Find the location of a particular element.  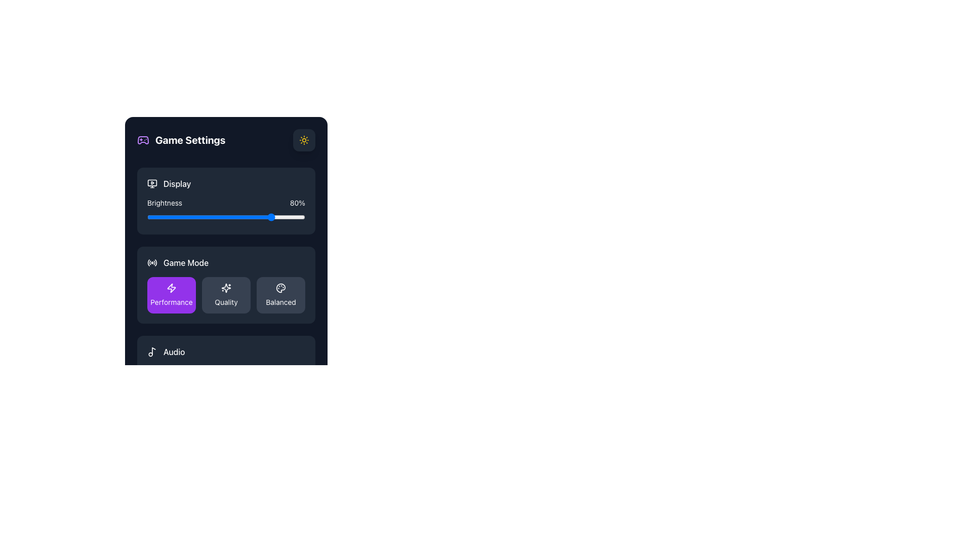

the 'Brightness' text label in the 'Display' section of the settings interface, which is positioned to the left of the '80%' percentage indicator and above the blue slider is located at coordinates (165, 203).